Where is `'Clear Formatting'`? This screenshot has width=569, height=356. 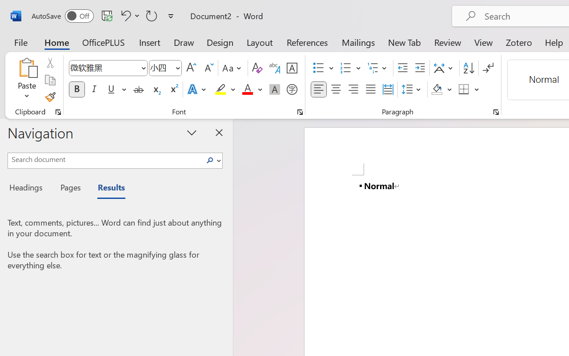
'Clear Formatting' is located at coordinates (256, 68).